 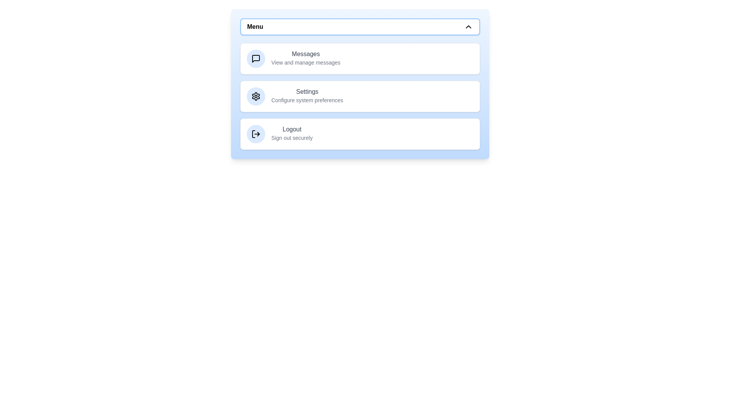 What do you see at coordinates (359, 58) in the screenshot?
I see `the menu item Messages` at bounding box center [359, 58].